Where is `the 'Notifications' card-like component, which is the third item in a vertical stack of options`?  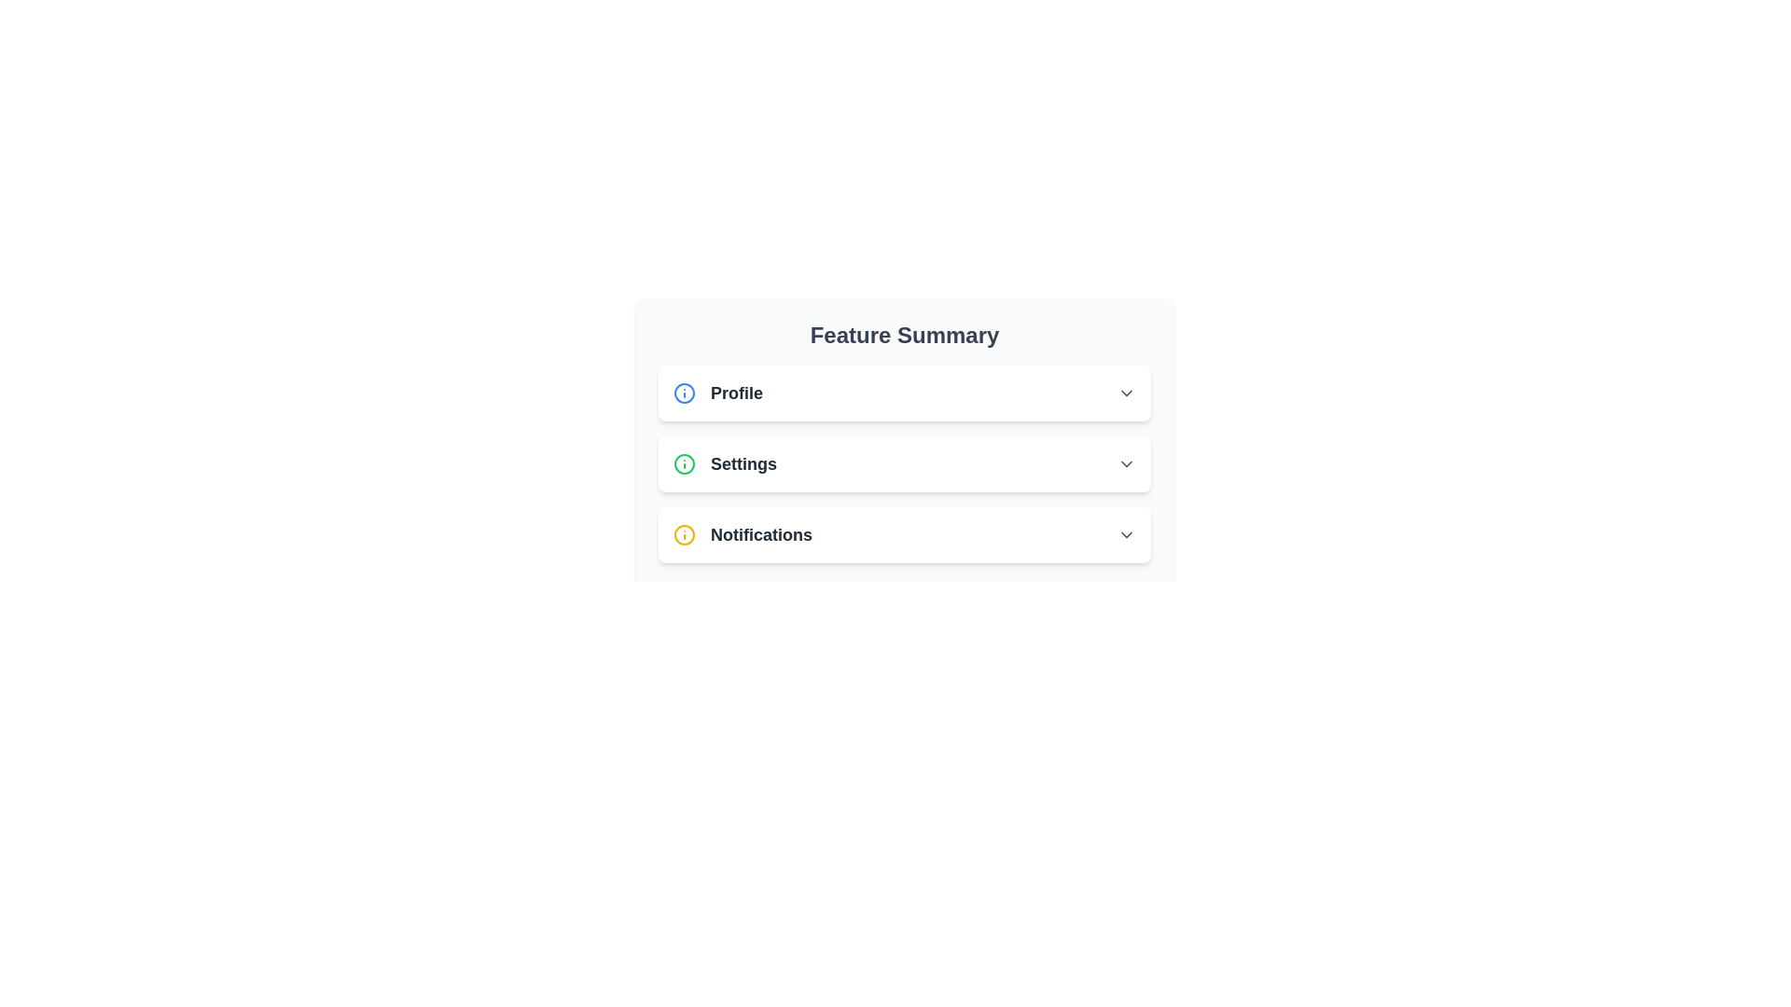 the 'Notifications' card-like component, which is the third item in a vertical stack of options is located at coordinates (904, 535).